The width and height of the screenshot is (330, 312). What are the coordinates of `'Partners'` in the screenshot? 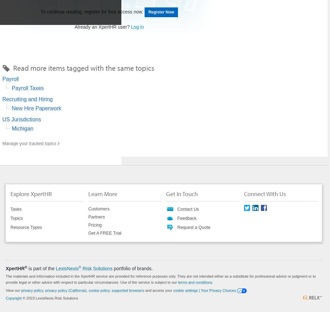 It's located at (96, 216).